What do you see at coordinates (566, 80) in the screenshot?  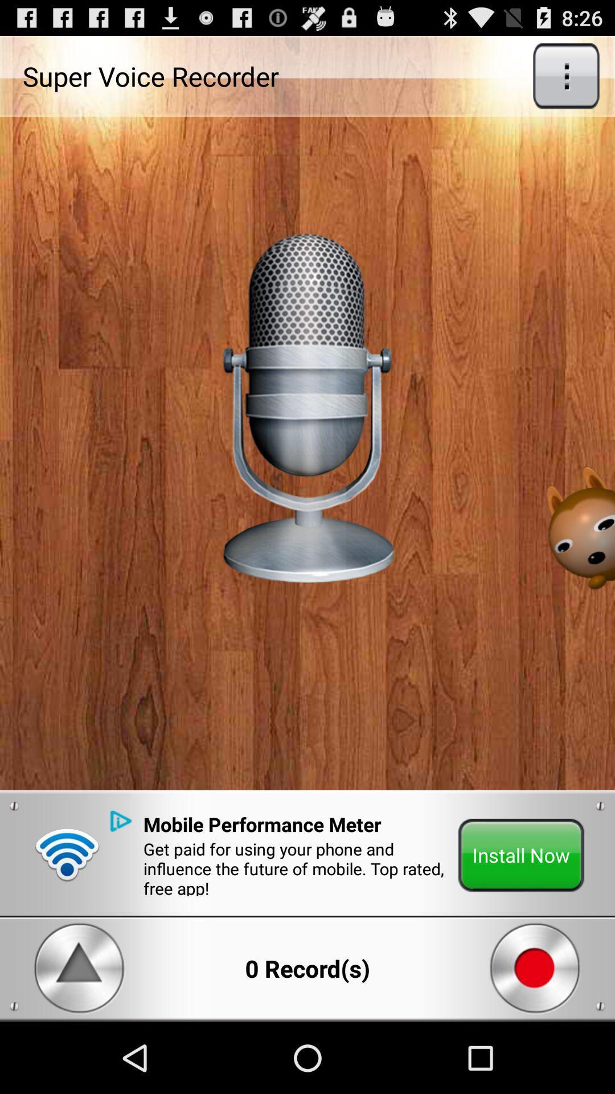 I see `the more icon` at bounding box center [566, 80].